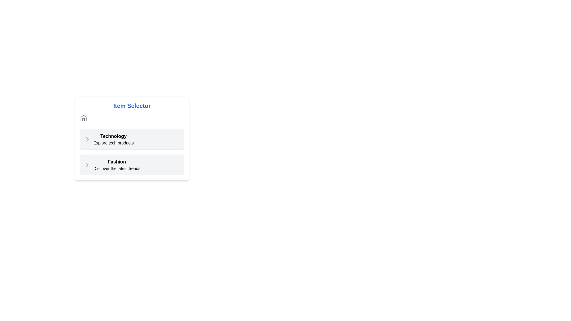 The width and height of the screenshot is (571, 321). Describe the element at coordinates (87, 165) in the screenshot. I see `the icon located to the right of the 'Fashion' text in the second list item of the 'Item Selector' menu` at that location.